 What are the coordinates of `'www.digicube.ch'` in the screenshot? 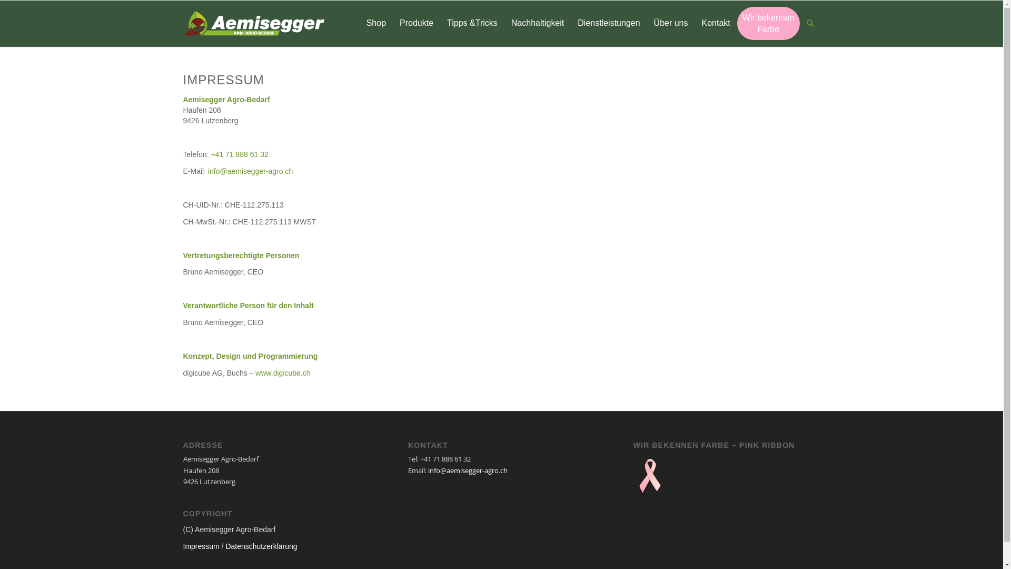 It's located at (283, 372).